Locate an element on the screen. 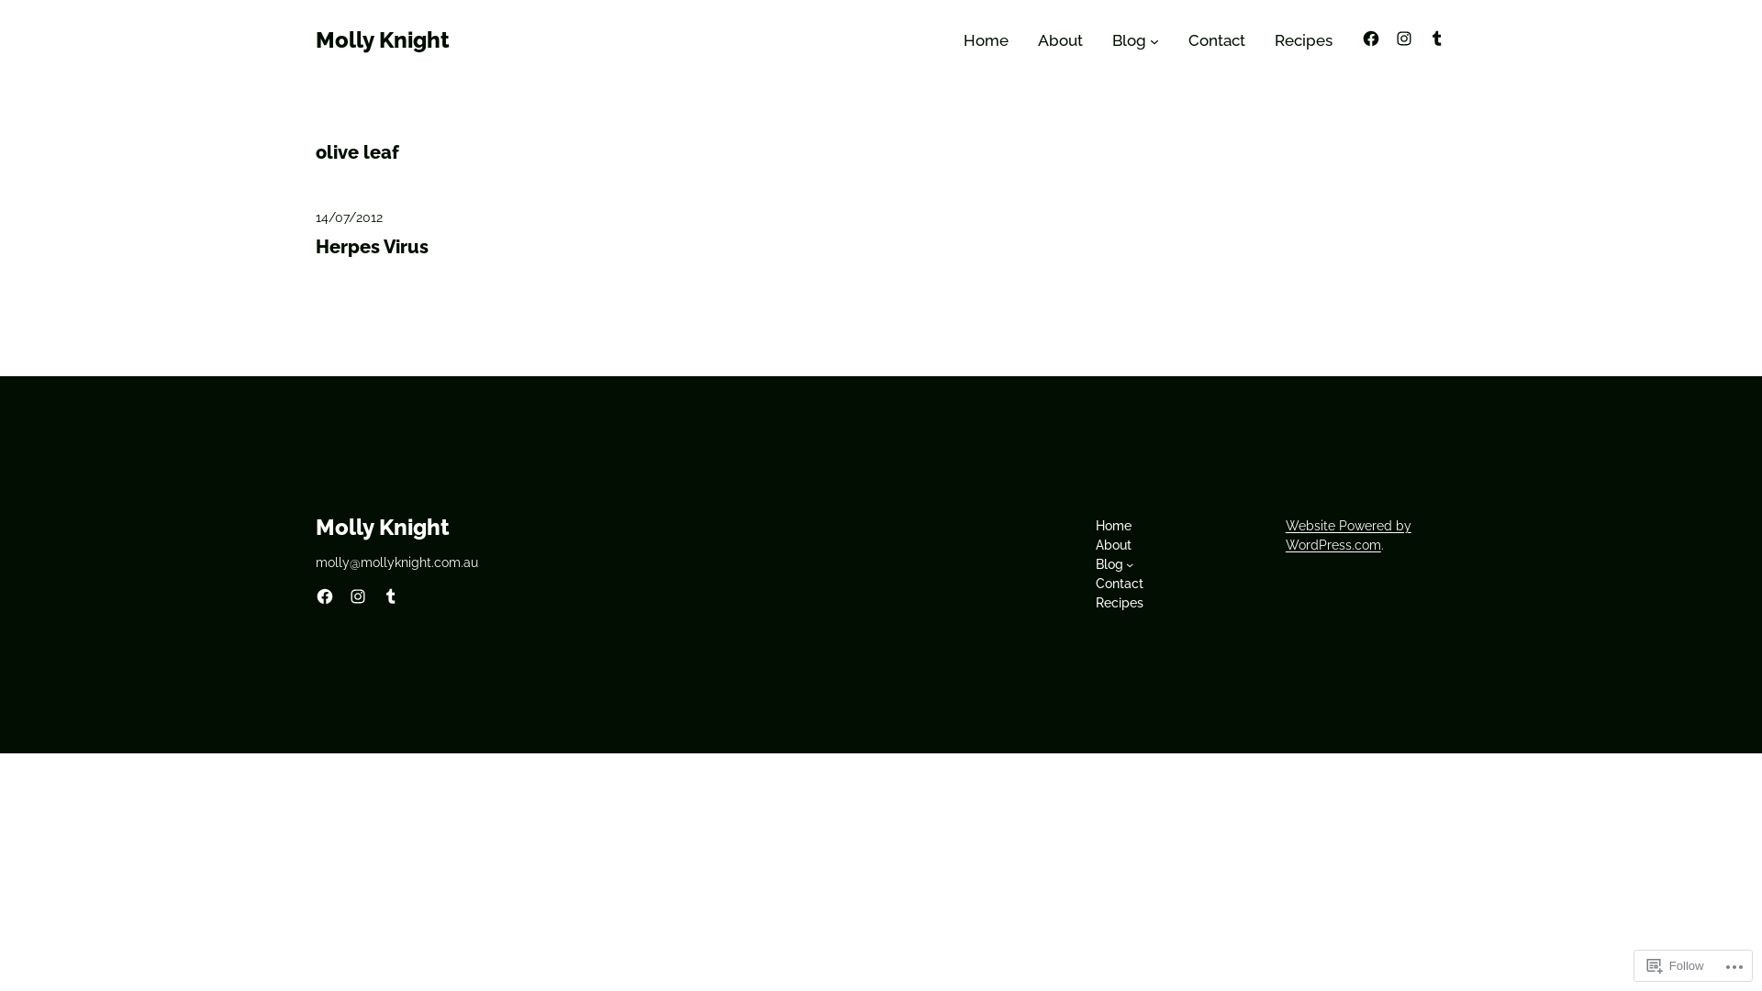 This screenshot has width=1762, height=991. 'Recipes' is located at coordinates (1096, 603).